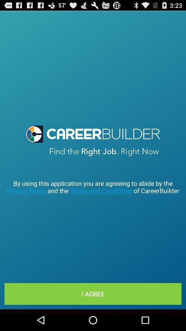  Describe the element at coordinates (93, 187) in the screenshot. I see `the icon above i agree` at that location.